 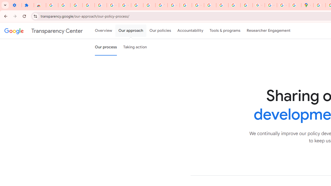 What do you see at coordinates (40, 5) in the screenshot?
I see `'Reviews: Helix Fruit Jump Arcade Game'` at bounding box center [40, 5].